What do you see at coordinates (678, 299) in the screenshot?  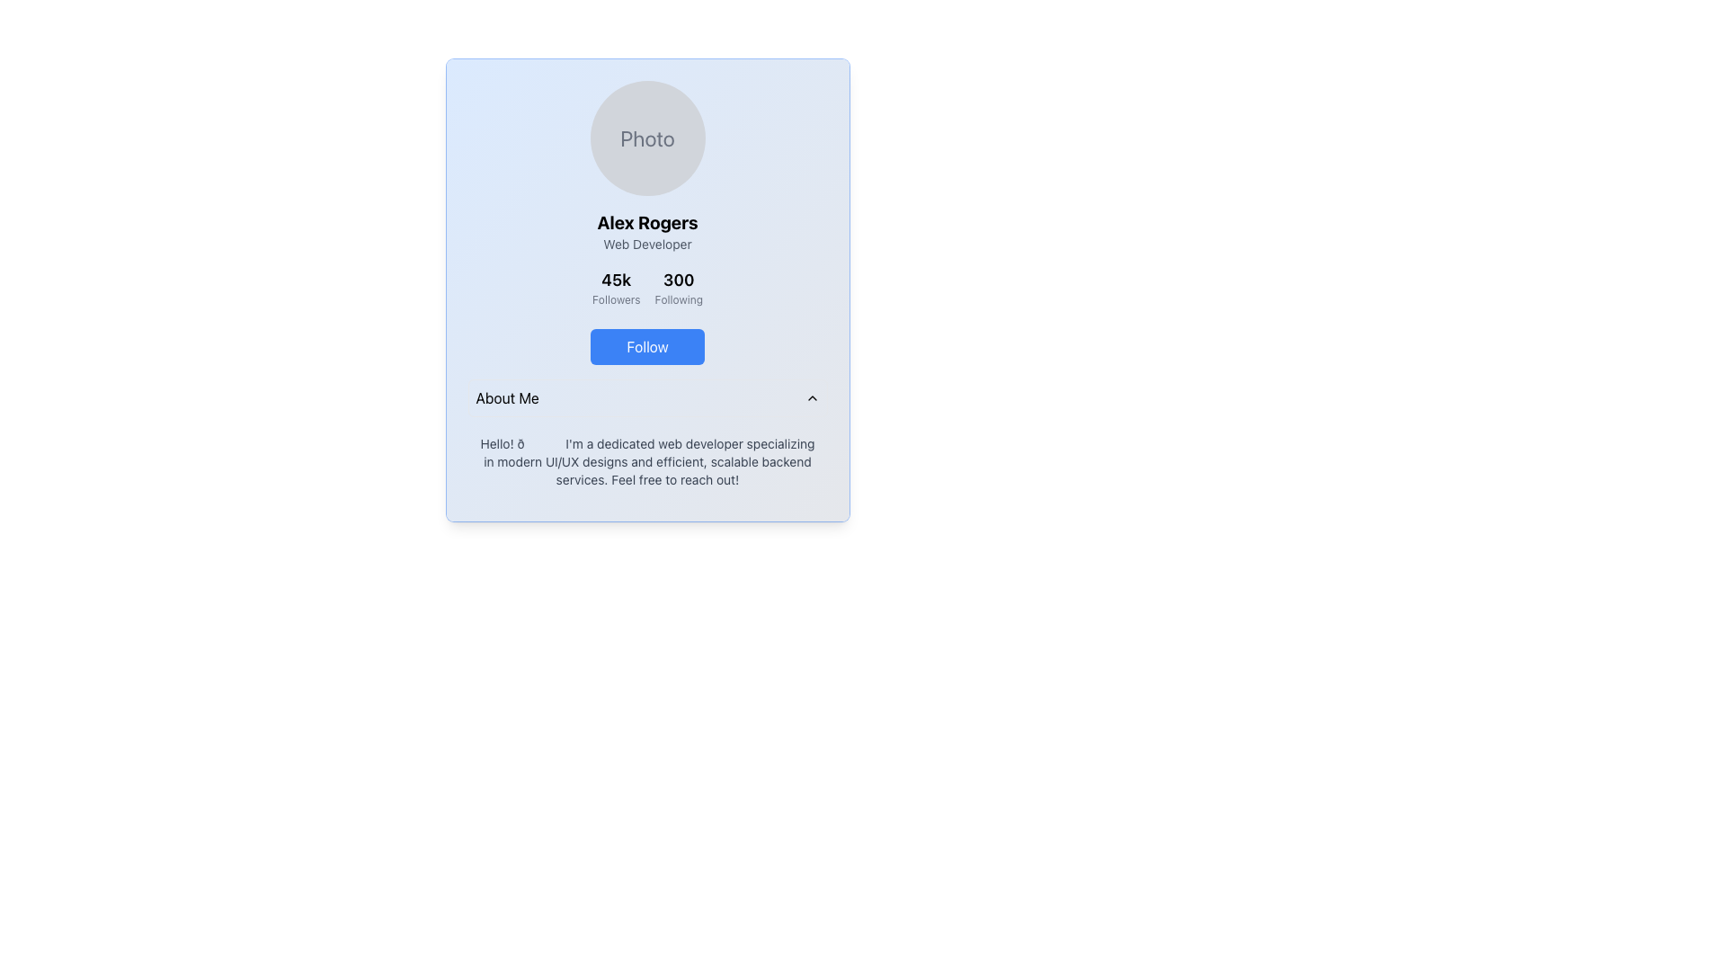 I see `the text label that reads 'Following', which is styled with a small-sized font and gray color, located below the number '300' in the stats display` at bounding box center [678, 299].